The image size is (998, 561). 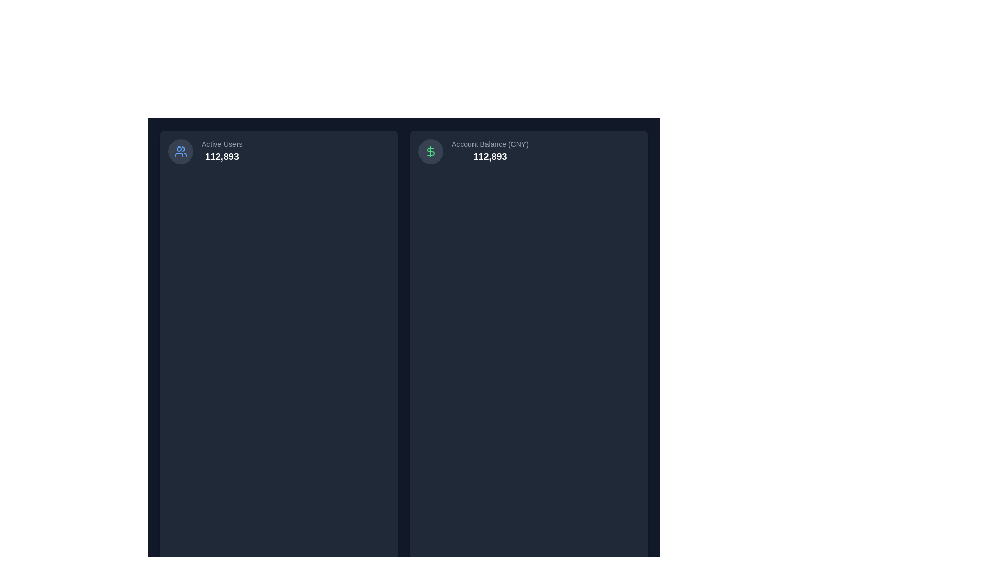 I want to click on the 'Account Balance (CNY)' text label, which indicates the type of numerical information displayed below it, specifically representing the account balance in Chinese Yuan (CNY), located at the top of a vertical layout within a section marked by a dollar sign icon, so click(x=489, y=144).